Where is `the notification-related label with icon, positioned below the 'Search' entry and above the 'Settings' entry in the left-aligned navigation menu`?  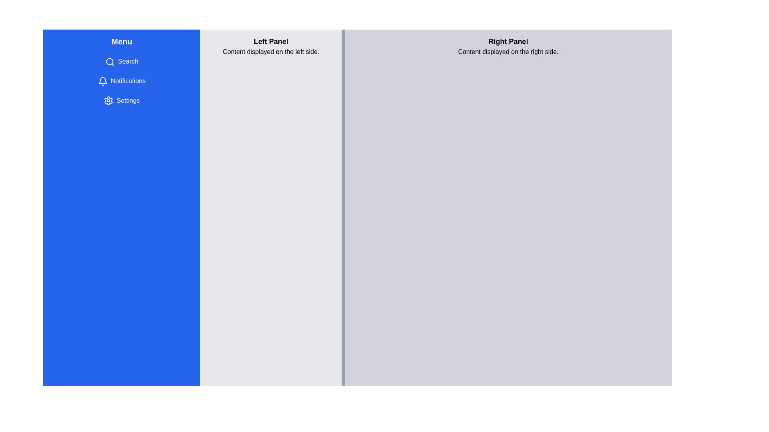 the notification-related label with icon, positioned below the 'Search' entry and above the 'Settings' entry in the left-aligned navigation menu is located at coordinates (121, 81).